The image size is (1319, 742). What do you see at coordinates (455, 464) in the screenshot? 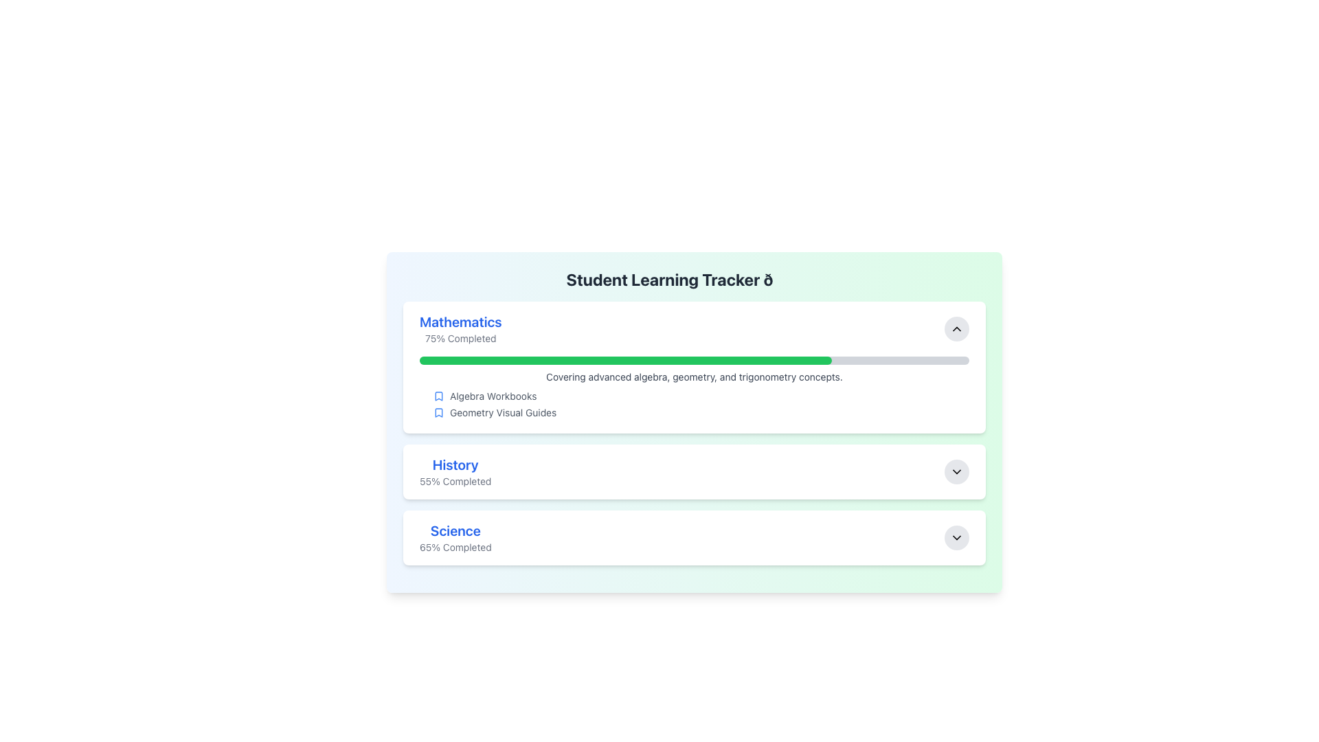
I see `the 'History' text label which is bold, larger, and blue, indicating a title above the '55% Completed' status label` at bounding box center [455, 464].